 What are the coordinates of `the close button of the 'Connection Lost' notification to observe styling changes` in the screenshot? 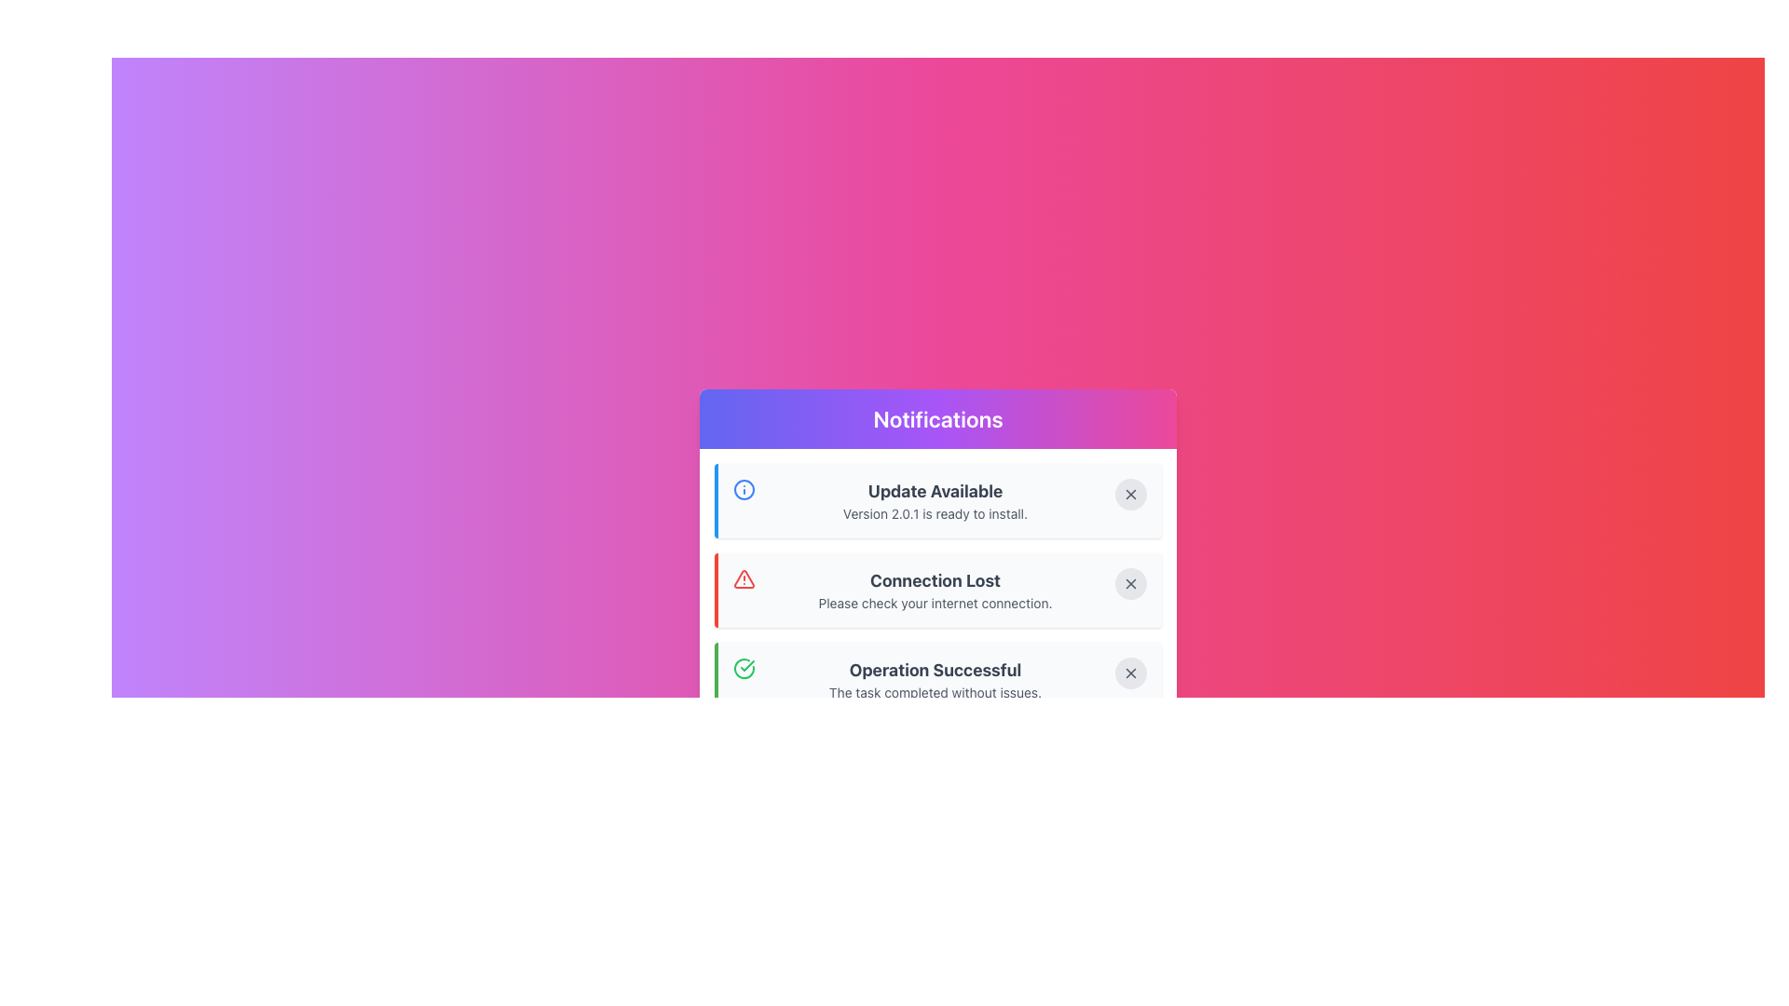 It's located at (1130, 583).